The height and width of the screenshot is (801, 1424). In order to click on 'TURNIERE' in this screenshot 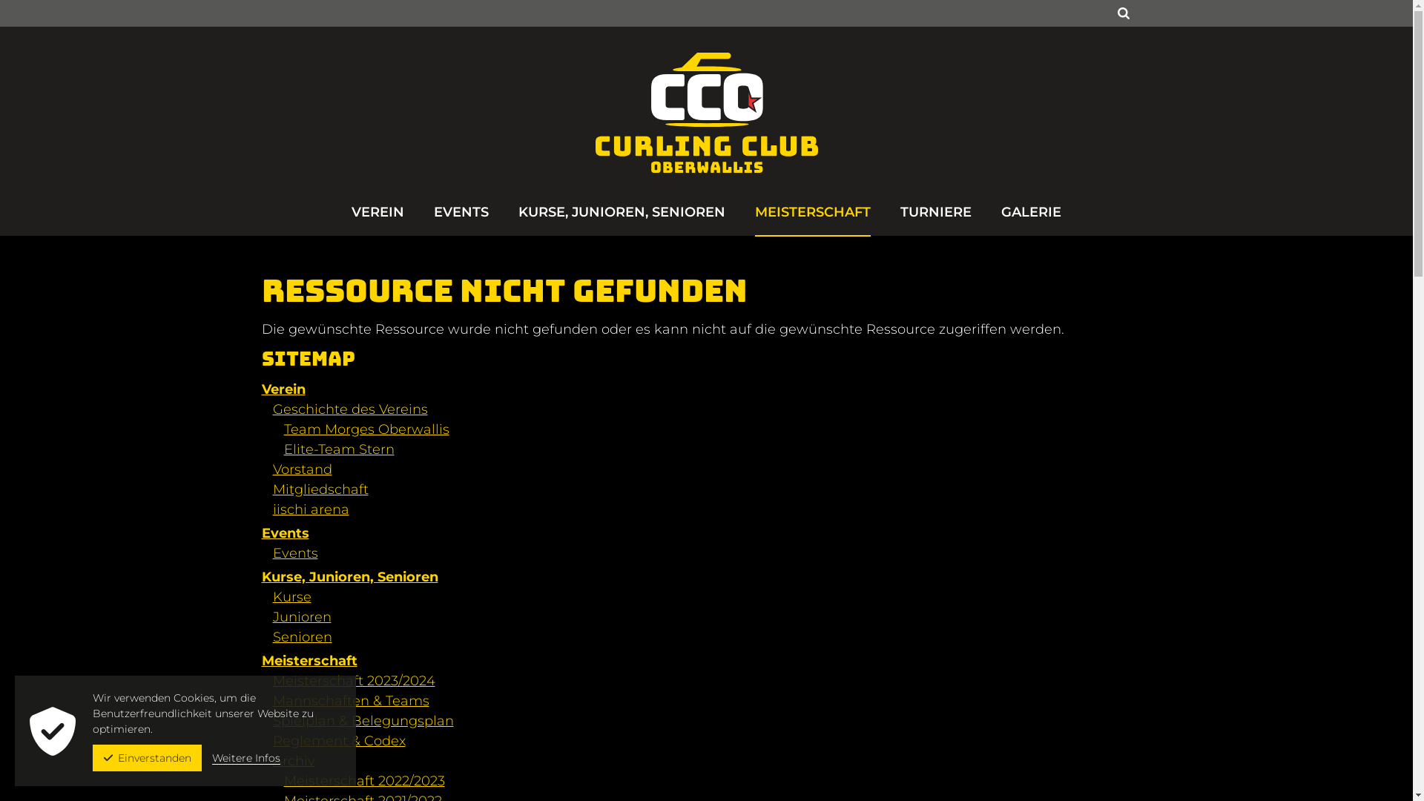, I will do `click(935, 220)`.